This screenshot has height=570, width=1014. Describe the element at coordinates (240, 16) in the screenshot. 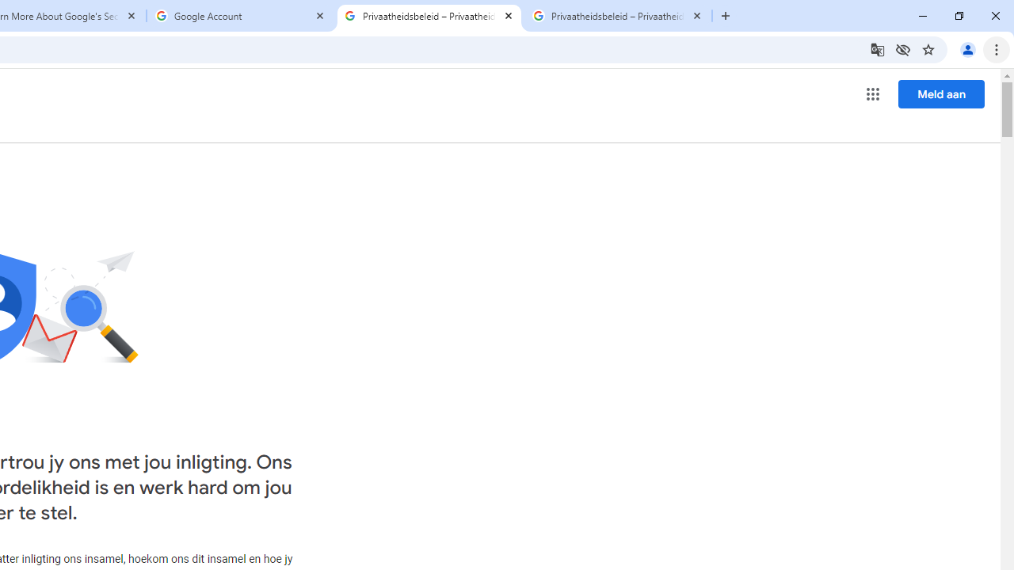

I see `'Google Account'` at that location.